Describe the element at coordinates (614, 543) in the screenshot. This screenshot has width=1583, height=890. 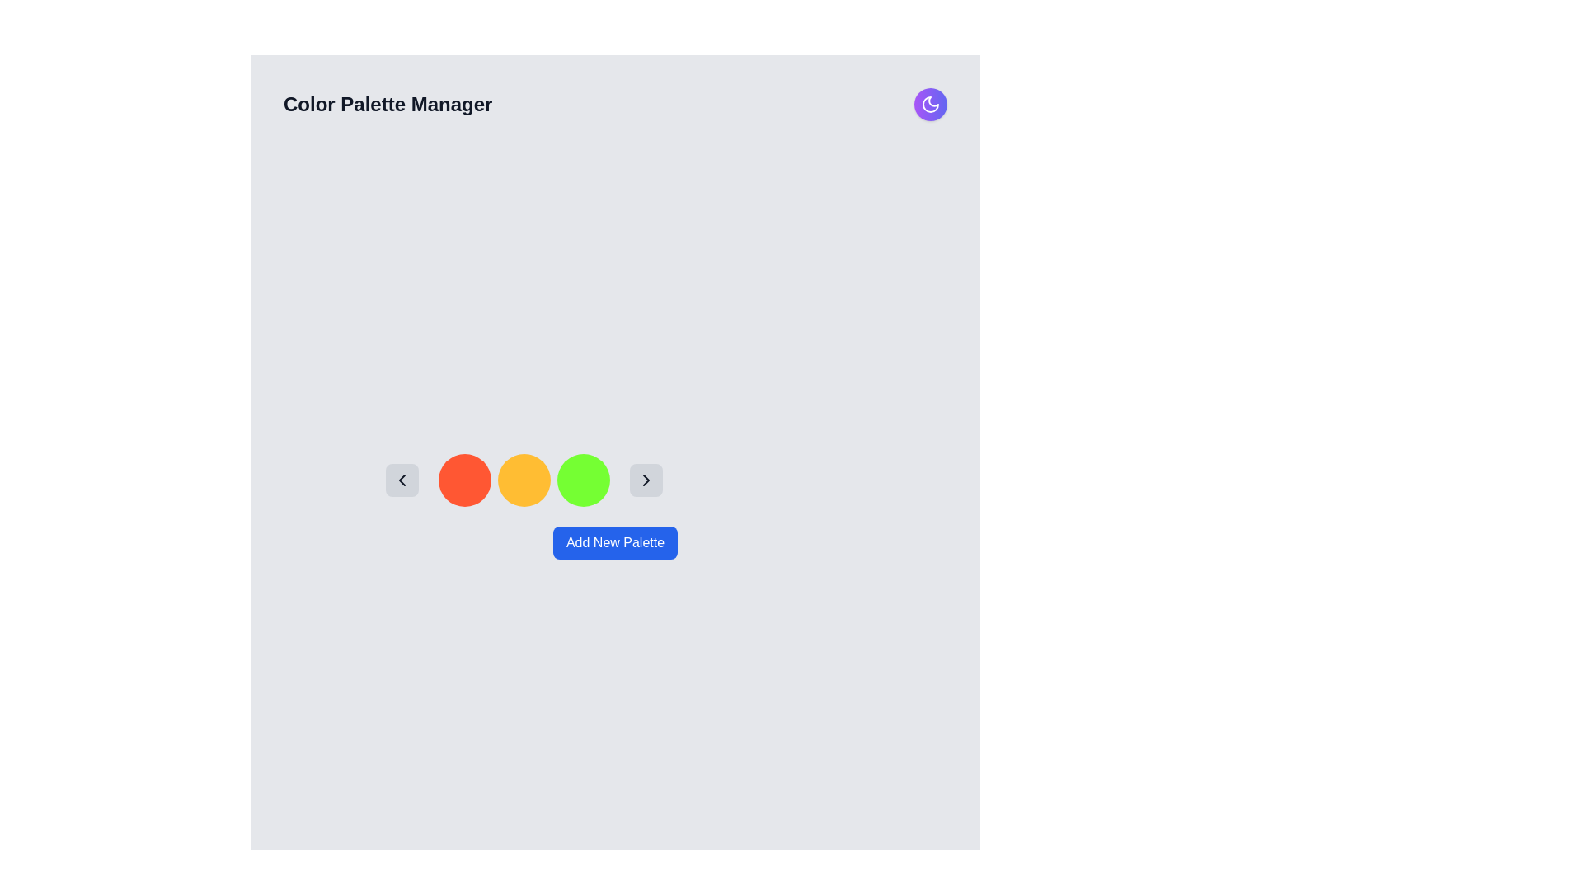
I see `the button located at the center-bottom of the application window` at that location.